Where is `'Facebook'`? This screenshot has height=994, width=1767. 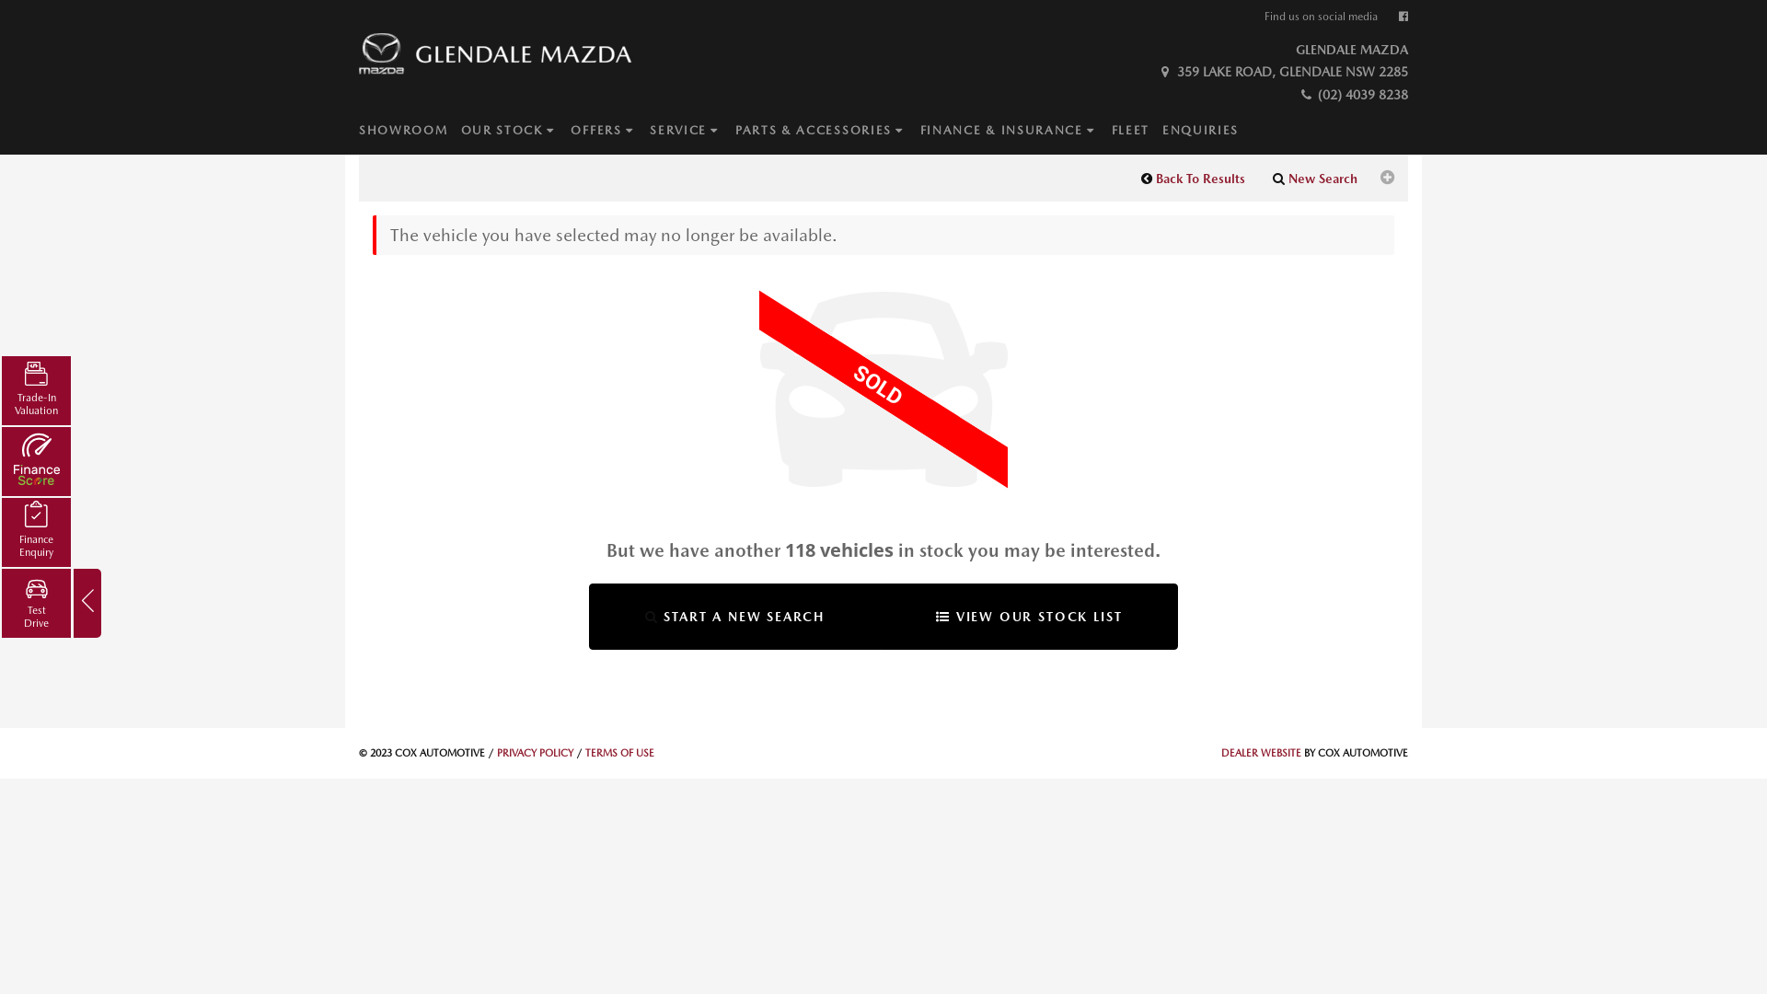
'Facebook' is located at coordinates (1403, 17).